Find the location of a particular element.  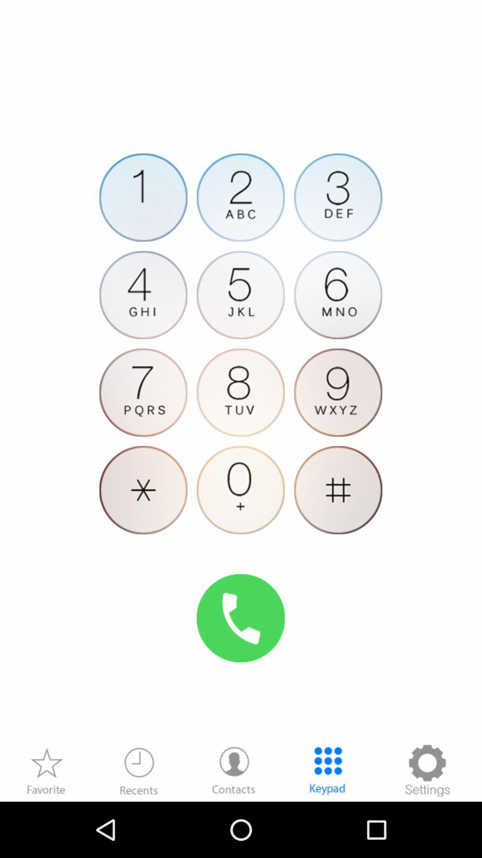

the close icon is located at coordinates (143, 524).